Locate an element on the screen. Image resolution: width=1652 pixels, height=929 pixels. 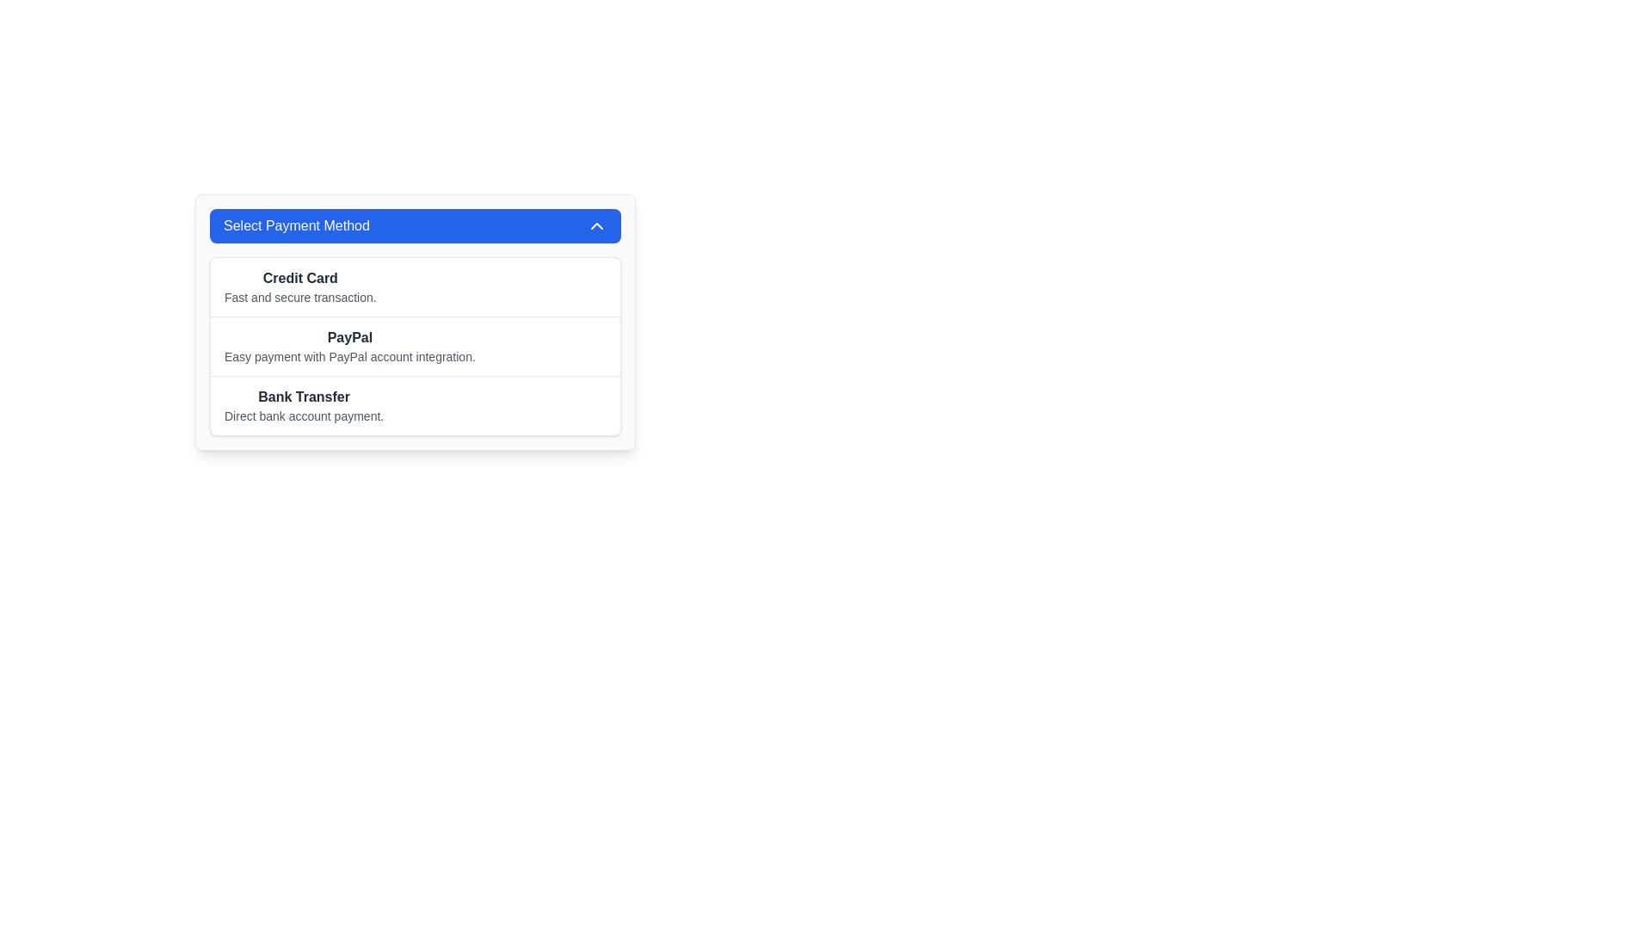
the upward-pointing chevron icon located in the upper-right corner of the 'Select Payment Method' blue header bar to trigger potential hover effects is located at coordinates (597, 225).